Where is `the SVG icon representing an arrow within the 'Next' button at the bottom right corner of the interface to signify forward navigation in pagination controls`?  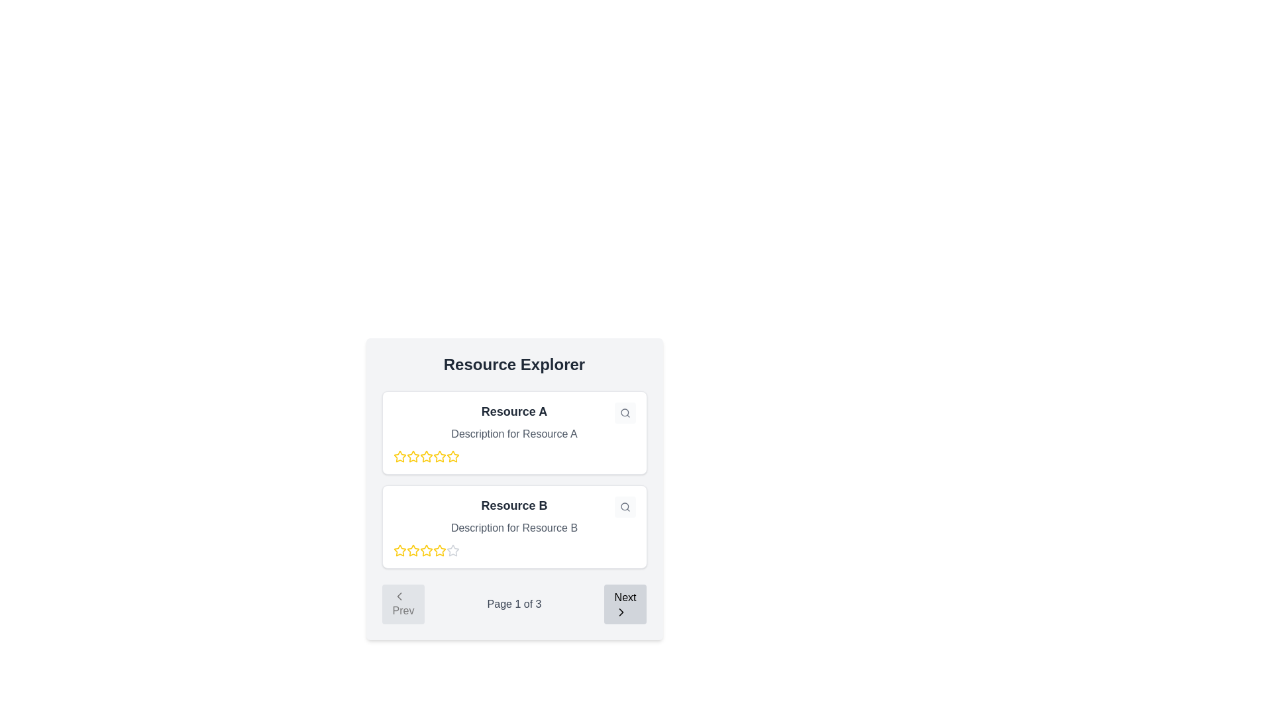 the SVG icon representing an arrow within the 'Next' button at the bottom right corner of the interface to signify forward navigation in pagination controls is located at coordinates (620, 612).